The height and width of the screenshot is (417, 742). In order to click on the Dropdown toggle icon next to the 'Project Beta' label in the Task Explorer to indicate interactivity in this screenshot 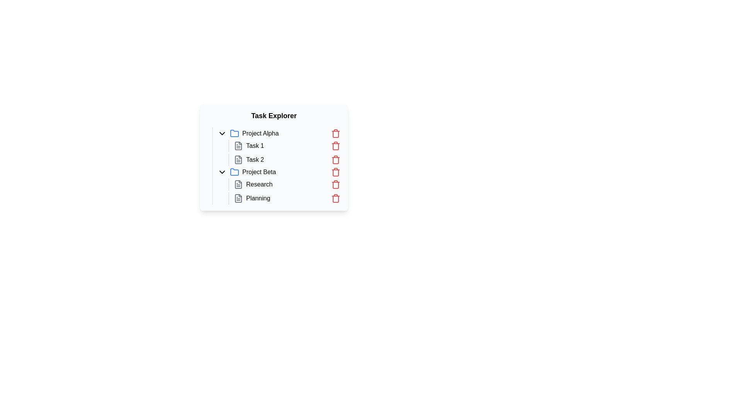, I will do `click(222, 172)`.